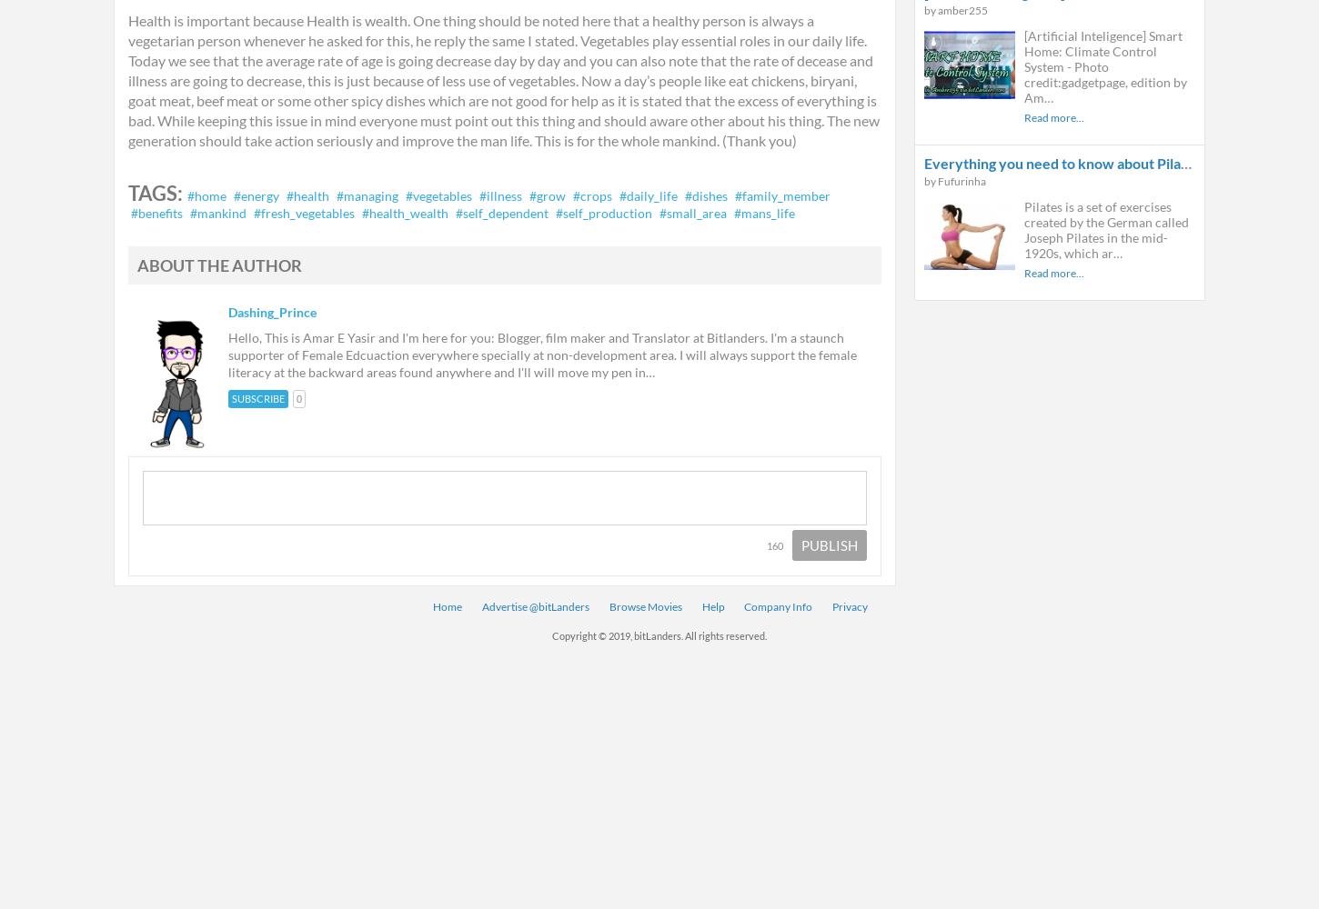  What do you see at coordinates (188, 212) in the screenshot?
I see `'#mankind'` at bounding box center [188, 212].